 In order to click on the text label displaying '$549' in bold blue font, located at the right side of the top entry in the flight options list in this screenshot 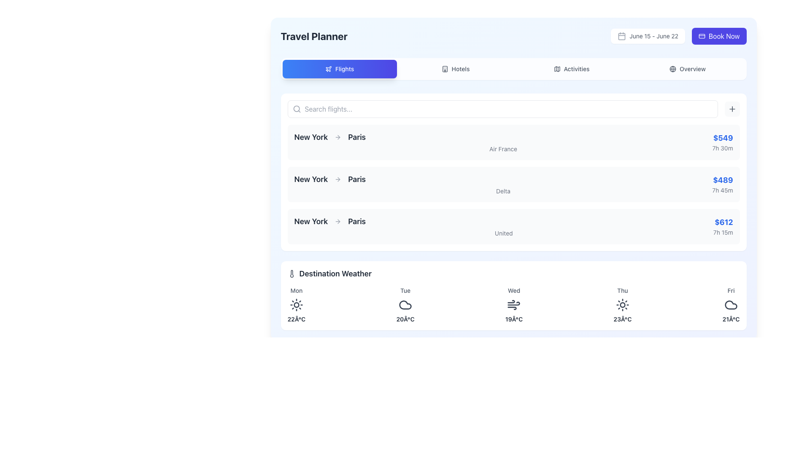, I will do `click(722, 137)`.